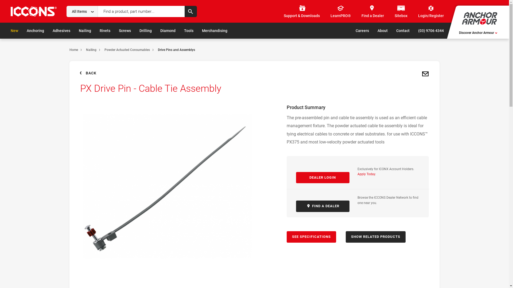 The width and height of the screenshot is (513, 288). What do you see at coordinates (73, 50) in the screenshot?
I see `'Home'` at bounding box center [73, 50].